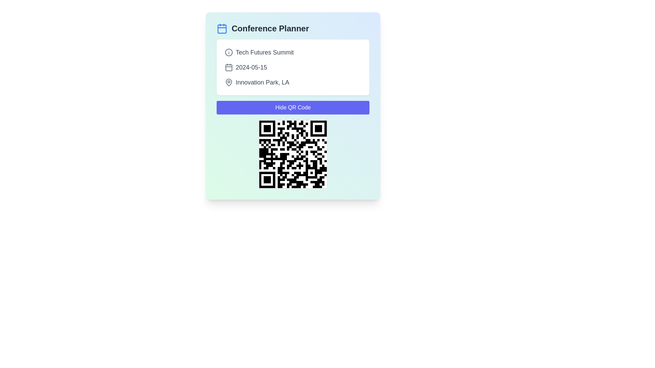 Image resolution: width=655 pixels, height=368 pixels. I want to click on the QR code image with a black-and-white grid pattern, which is prominently displayed, so click(293, 154).